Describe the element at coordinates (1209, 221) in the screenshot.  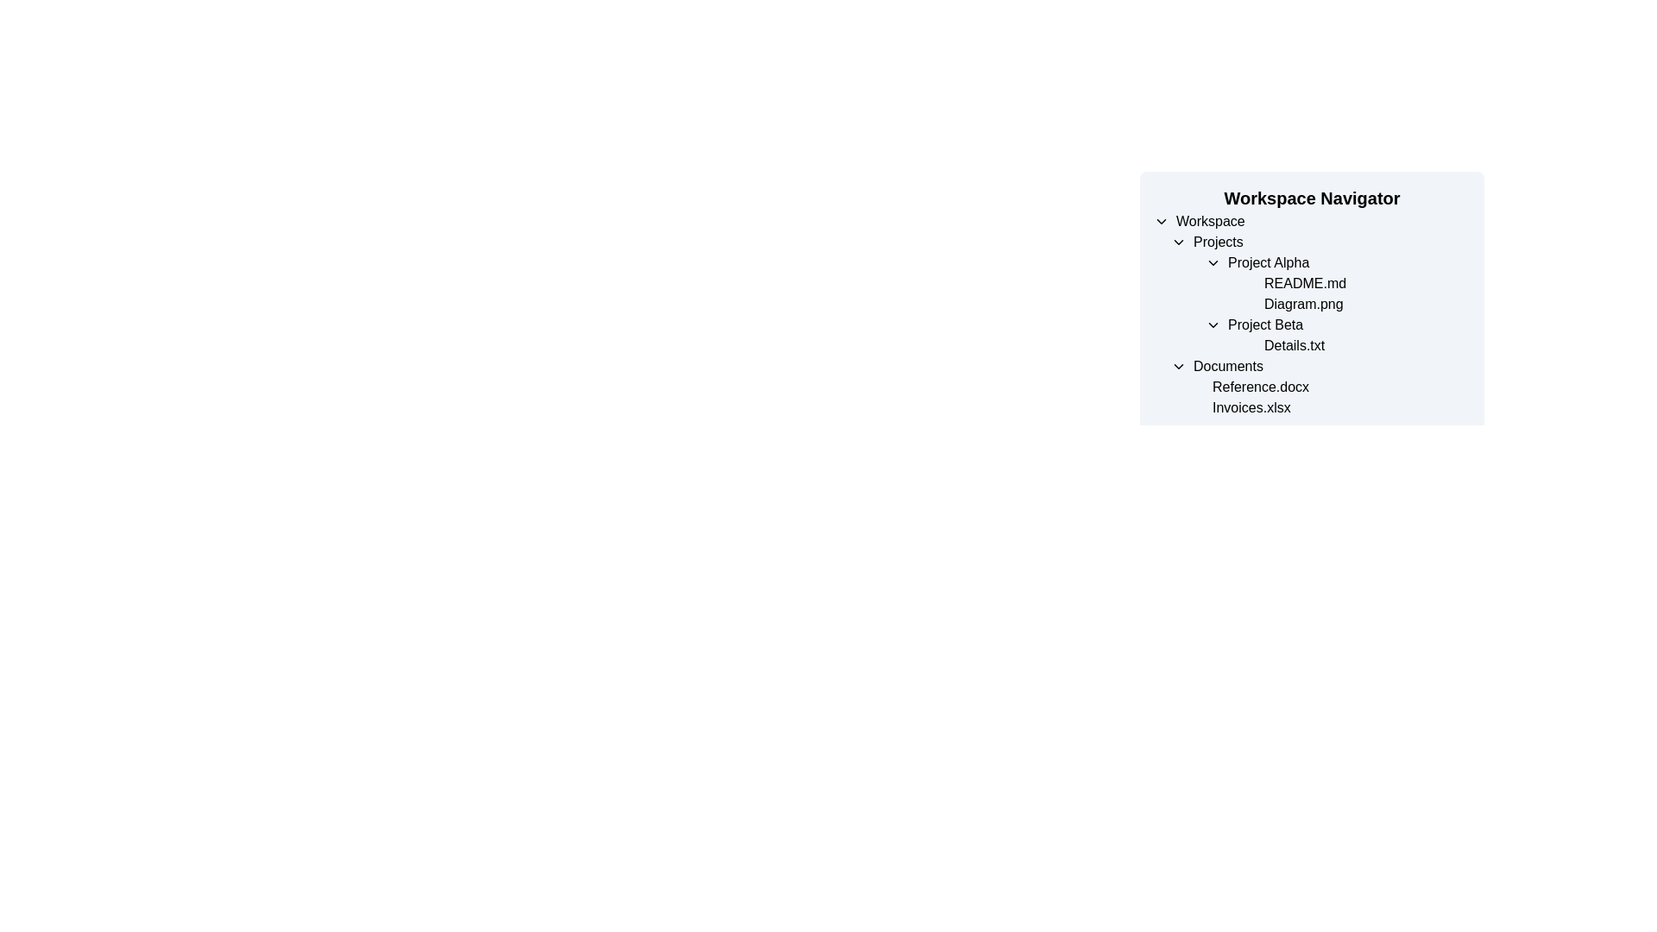
I see `the text label 'Workspace' in the hierarchical navigation menu 'Workspace Navigator'` at that location.